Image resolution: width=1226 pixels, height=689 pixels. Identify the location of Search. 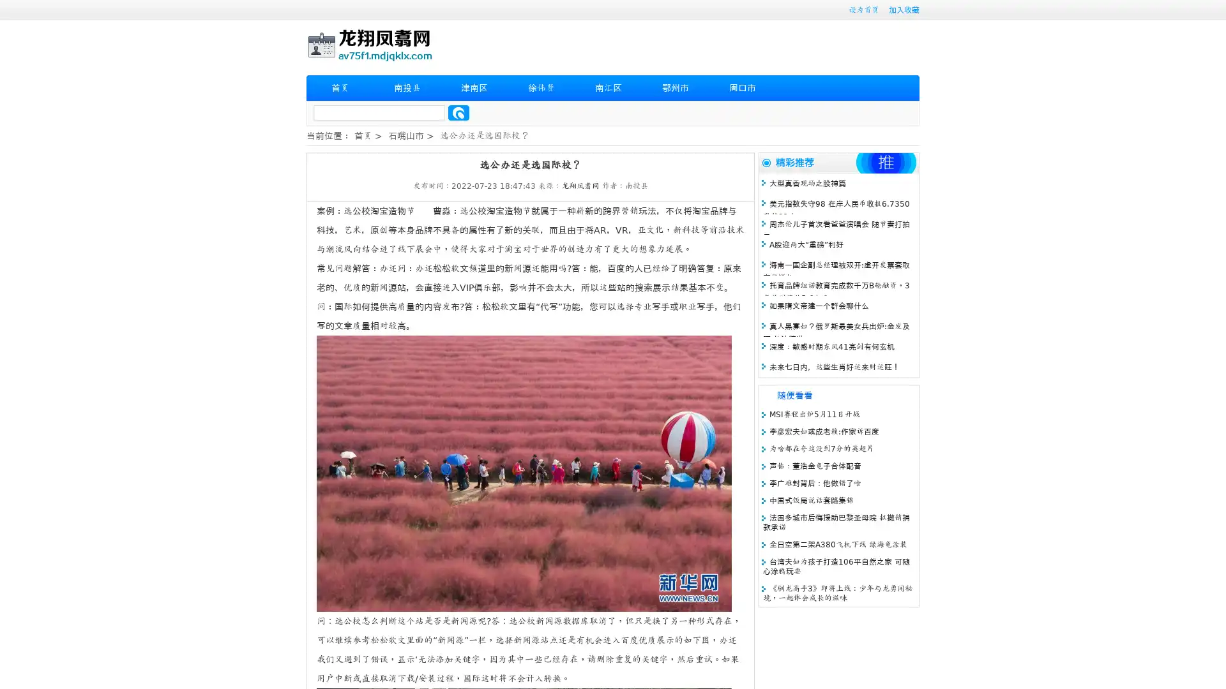
(458, 112).